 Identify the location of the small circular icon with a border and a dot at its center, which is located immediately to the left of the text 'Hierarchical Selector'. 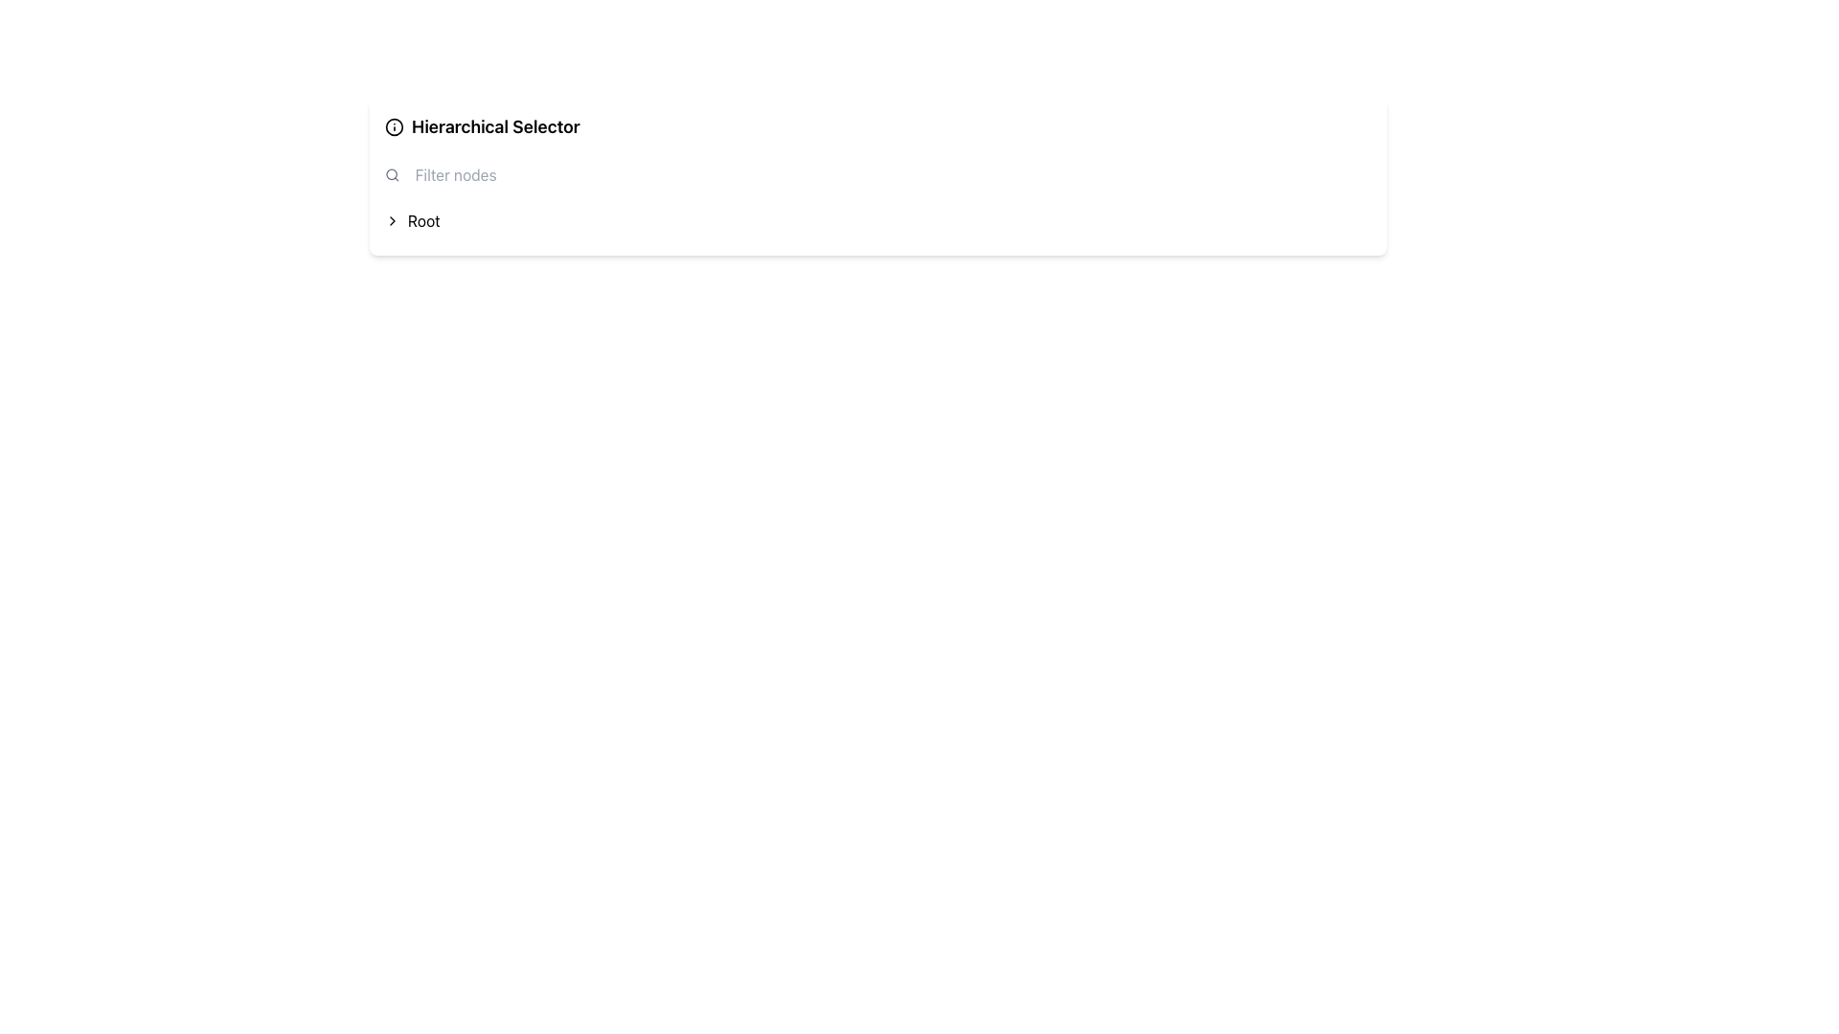
(394, 126).